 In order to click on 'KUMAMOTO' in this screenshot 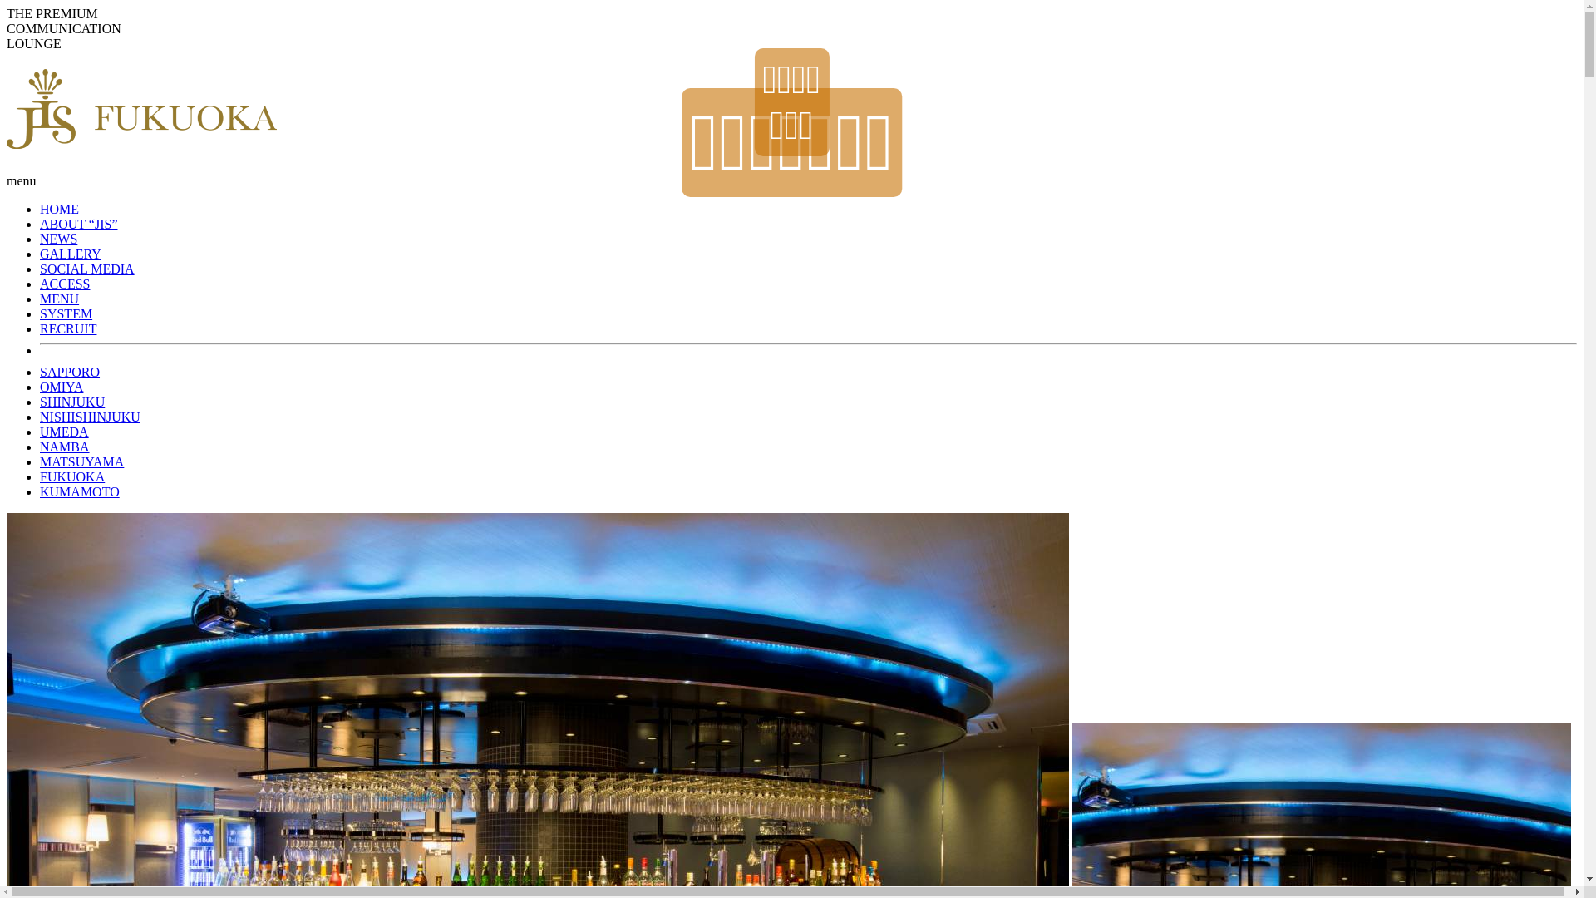, I will do `click(79, 491)`.